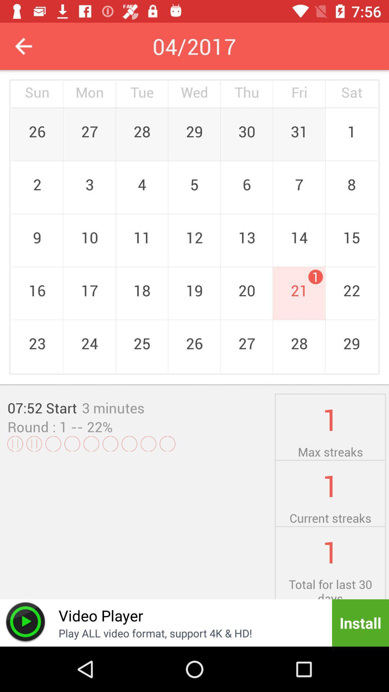  Describe the element at coordinates (113, 408) in the screenshot. I see `the icon to the left of the 1 icon` at that location.